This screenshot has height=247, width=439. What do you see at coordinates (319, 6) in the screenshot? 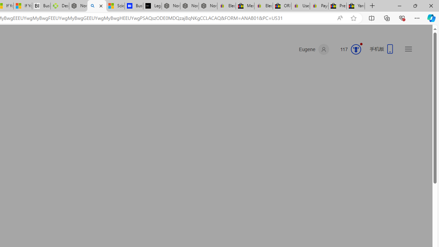
I see `'Payments Terms of Use | eBay.com'` at bounding box center [319, 6].